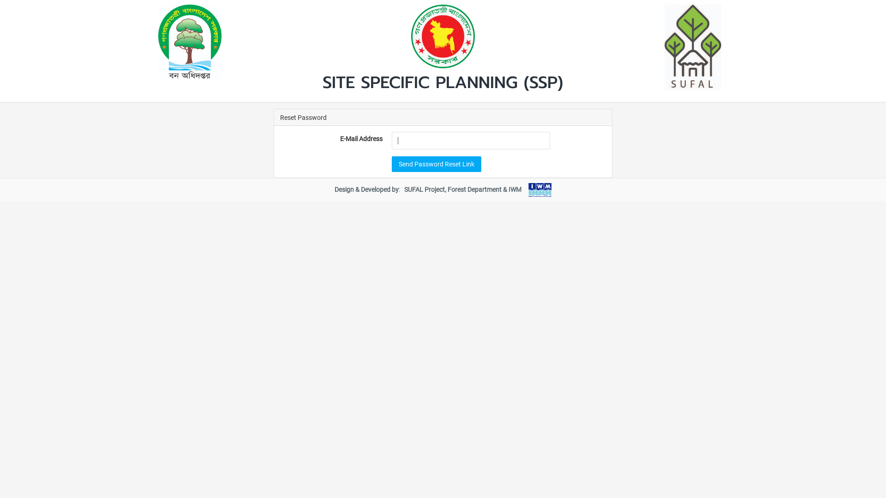  Describe the element at coordinates (436, 163) in the screenshot. I see `'Send Password Reset Link'` at that location.